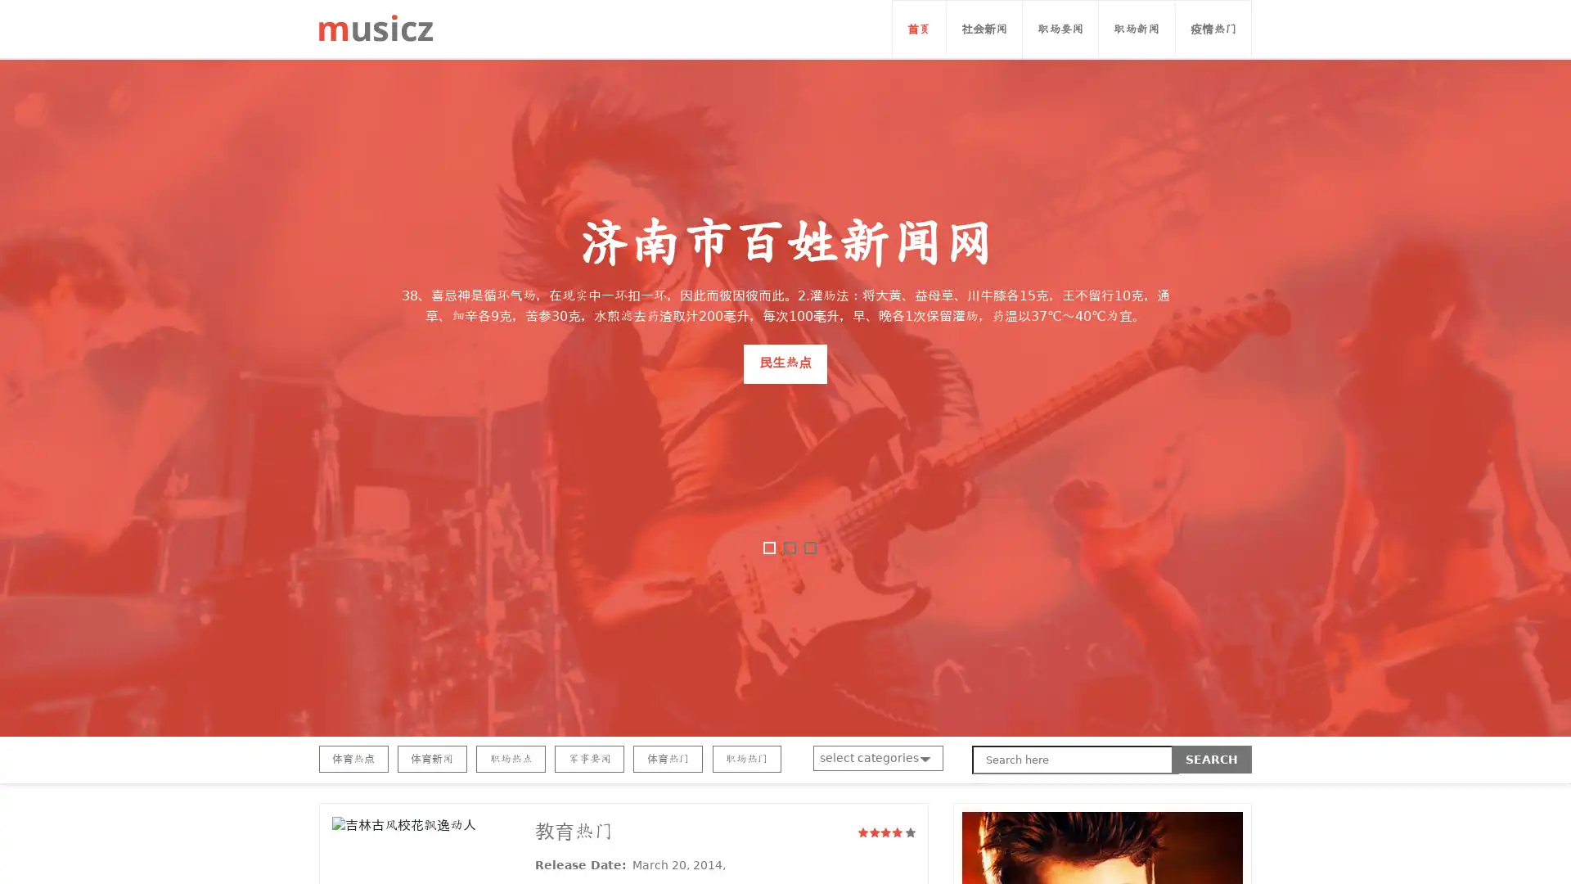  Describe the element at coordinates (1212, 760) in the screenshot. I see `search` at that location.